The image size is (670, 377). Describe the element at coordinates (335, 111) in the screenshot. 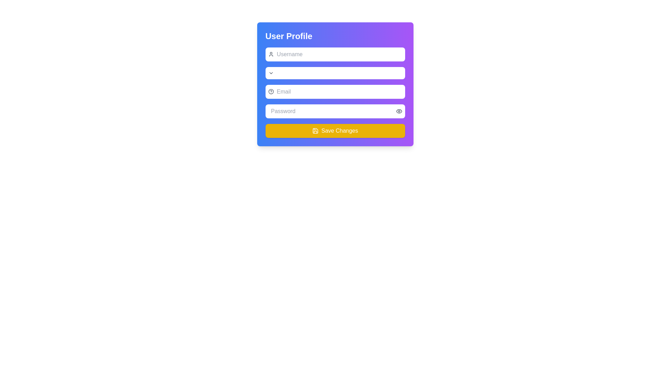

I see `the password input field located in the fourth position of the form layout` at that location.